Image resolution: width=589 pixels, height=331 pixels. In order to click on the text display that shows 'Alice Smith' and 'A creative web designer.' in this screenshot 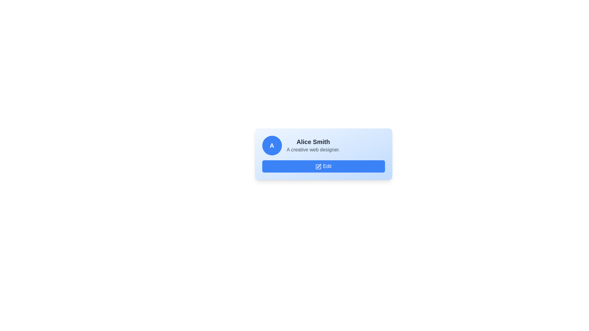, I will do `click(313, 145)`.